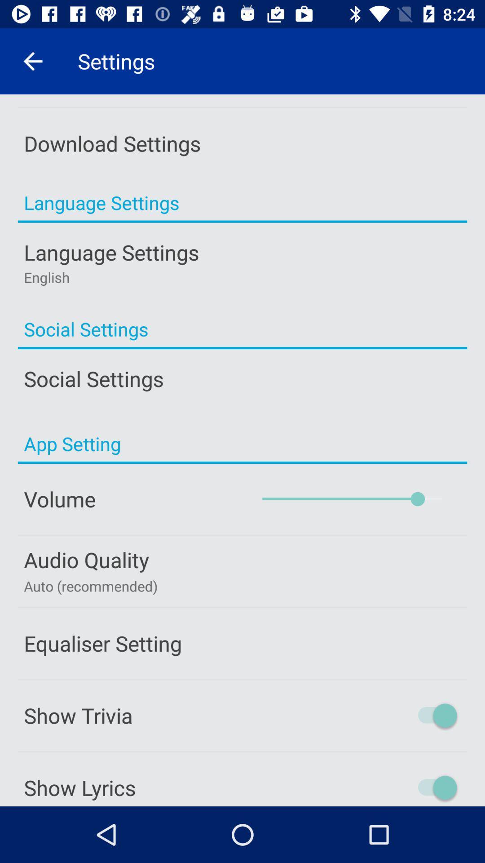  What do you see at coordinates (398, 715) in the screenshot?
I see `toggles trivia information shown` at bounding box center [398, 715].